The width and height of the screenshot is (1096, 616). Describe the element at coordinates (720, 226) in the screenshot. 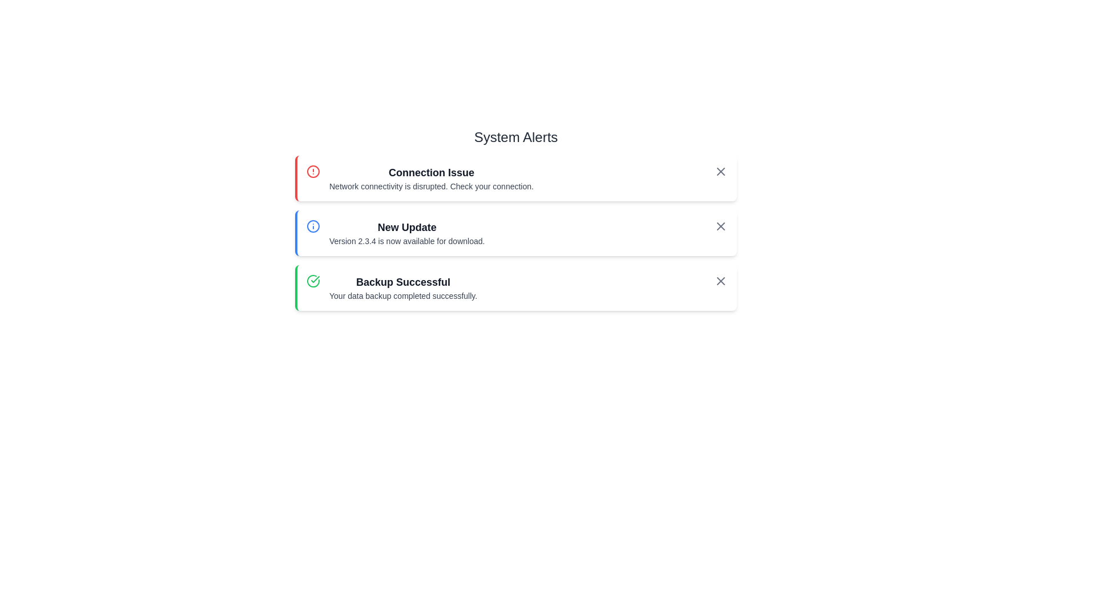

I see `the small 'X'-shaped close icon located in the 'New Update' alert component` at that location.